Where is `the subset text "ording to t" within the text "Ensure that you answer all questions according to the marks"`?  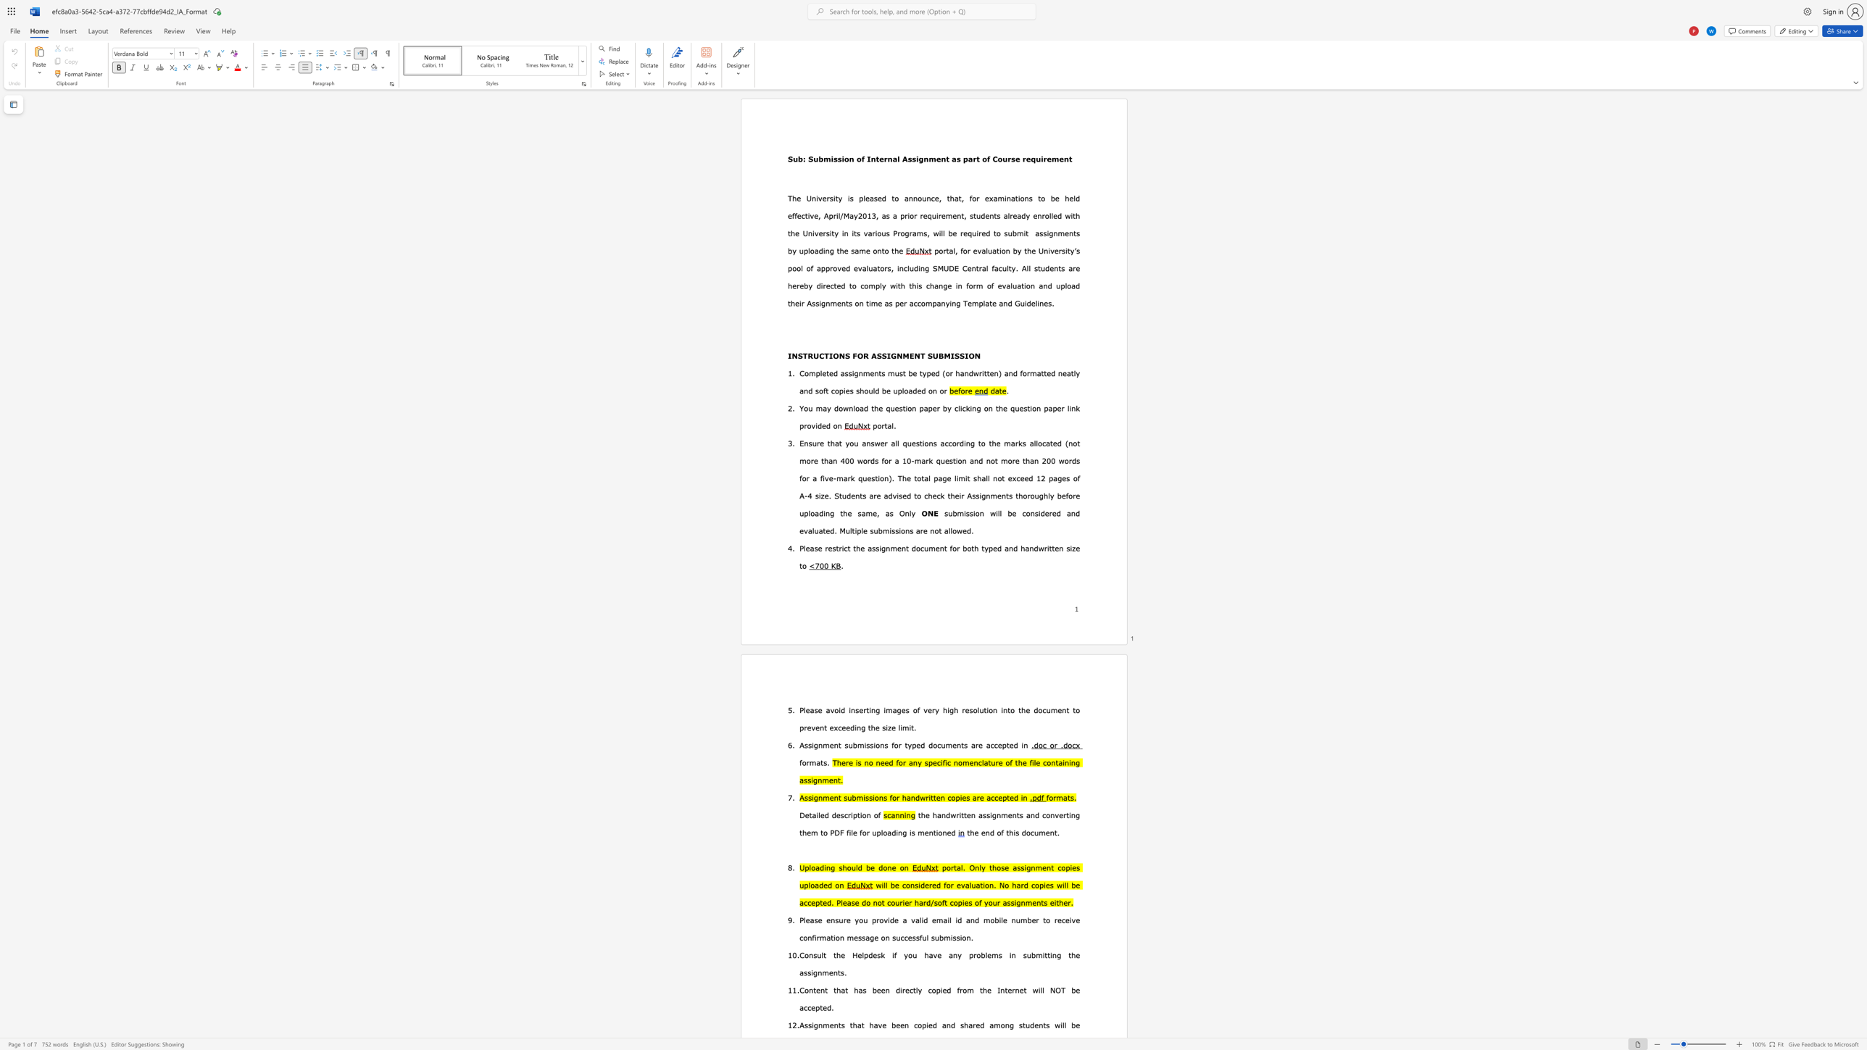
the subset text "ording to t" within the text "Ensure that you answer all questions according to the marks" is located at coordinates (952, 442).